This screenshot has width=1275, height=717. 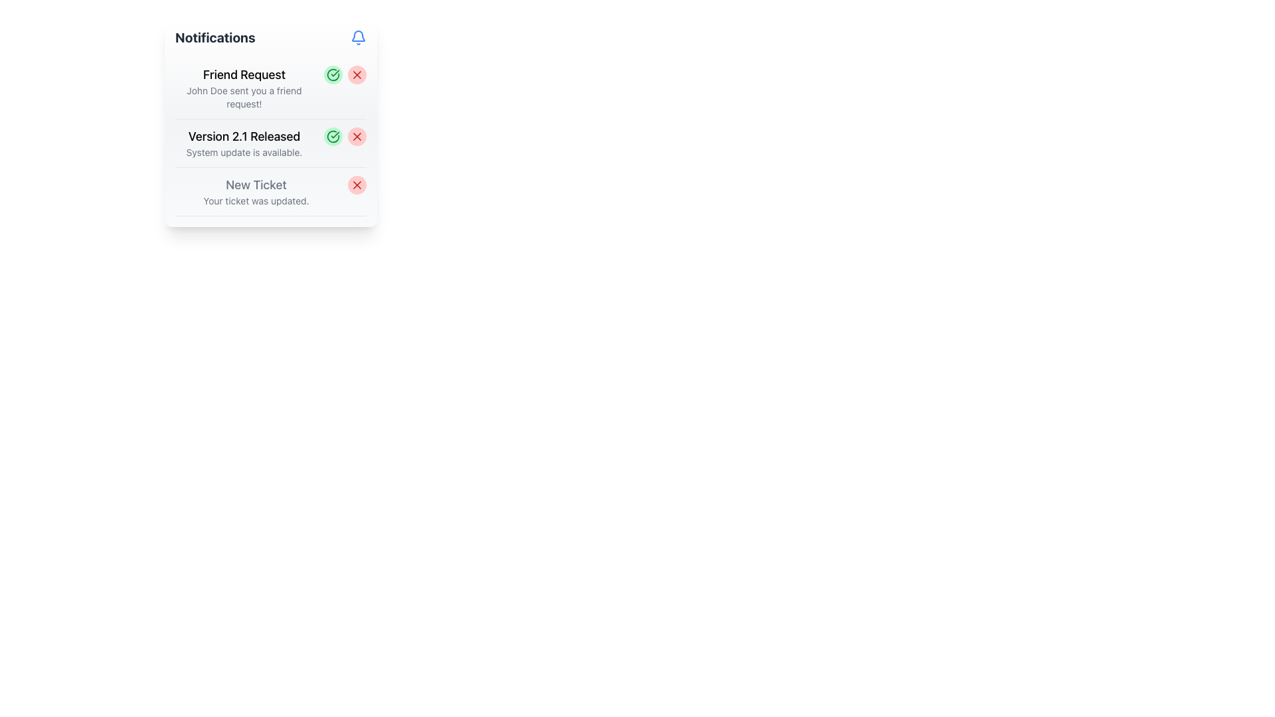 I want to click on the third notification item in the notifications list, which provides a status update regarding a ticket, located beneath 'Version 2.1 Released', so click(x=256, y=192).